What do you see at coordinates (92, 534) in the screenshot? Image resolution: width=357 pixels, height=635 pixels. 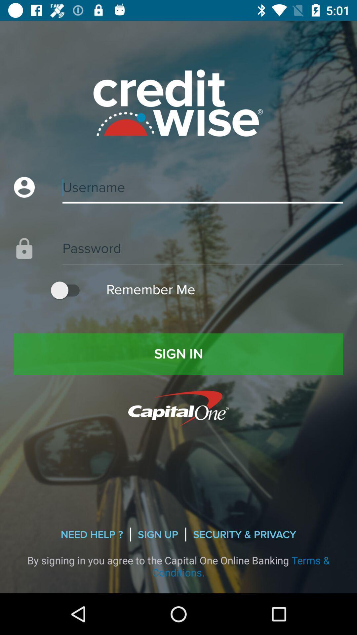 I see `icon above the by signing in item` at bounding box center [92, 534].